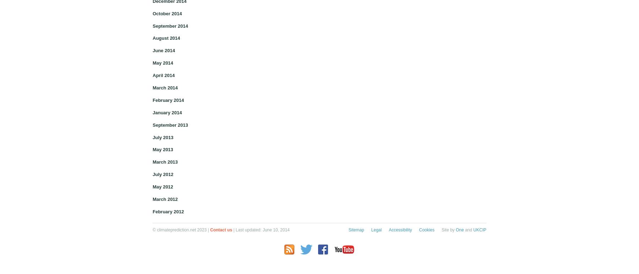 This screenshot has height=274, width=639. What do you see at coordinates (162, 149) in the screenshot?
I see `'May 2013'` at bounding box center [162, 149].